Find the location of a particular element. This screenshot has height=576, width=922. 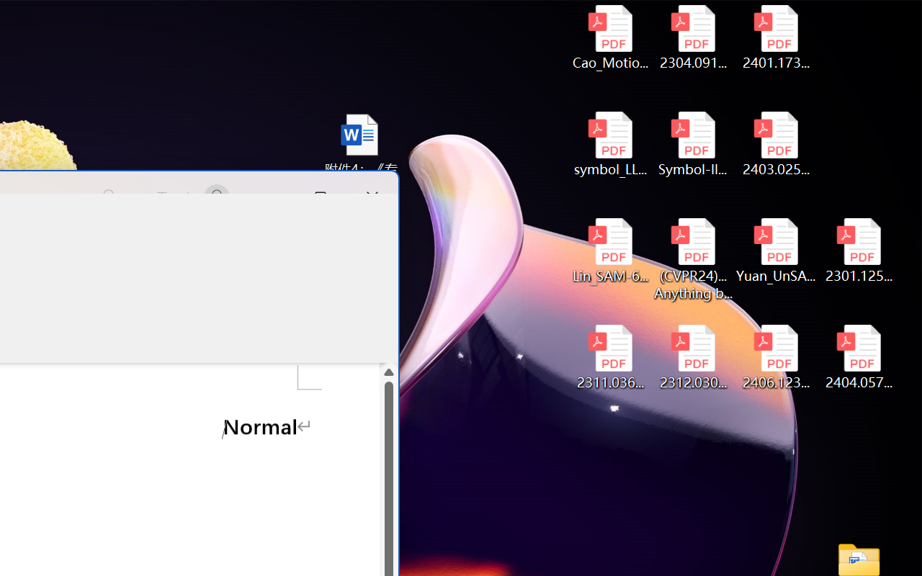

'(CVPR24)Matching Anything by Segmenting Anything.pdf' is located at coordinates (693, 259).